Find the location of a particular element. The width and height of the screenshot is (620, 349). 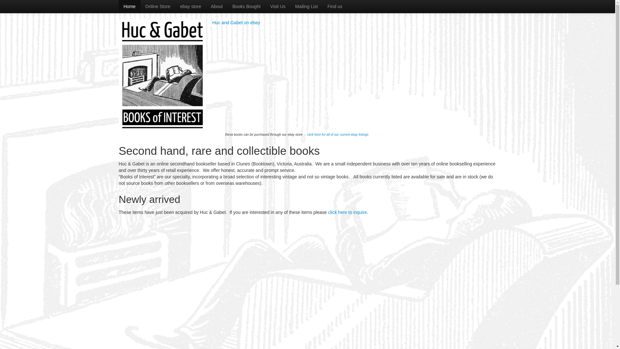

'ebay store' is located at coordinates (190, 6).